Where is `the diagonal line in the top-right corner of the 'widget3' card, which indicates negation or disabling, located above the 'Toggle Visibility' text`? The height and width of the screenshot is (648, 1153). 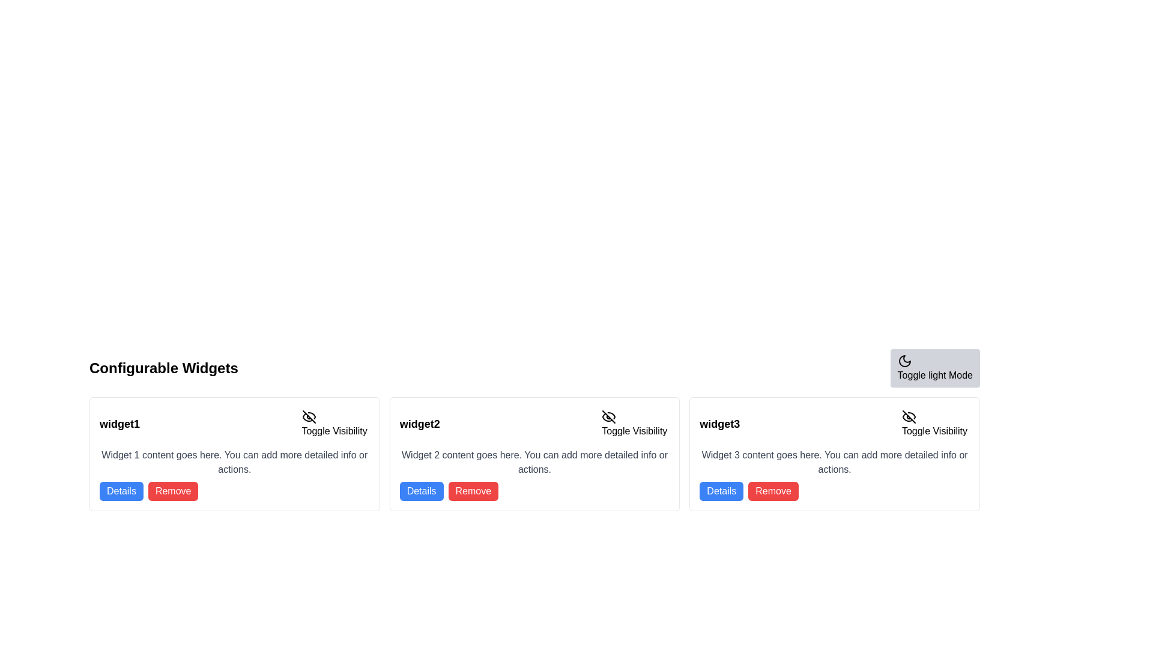 the diagonal line in the top-right corner of the 'widget3' card, which indicates negation or disabling, located above the 'Toggle Visibility' text is located at coordinates (909, 416).